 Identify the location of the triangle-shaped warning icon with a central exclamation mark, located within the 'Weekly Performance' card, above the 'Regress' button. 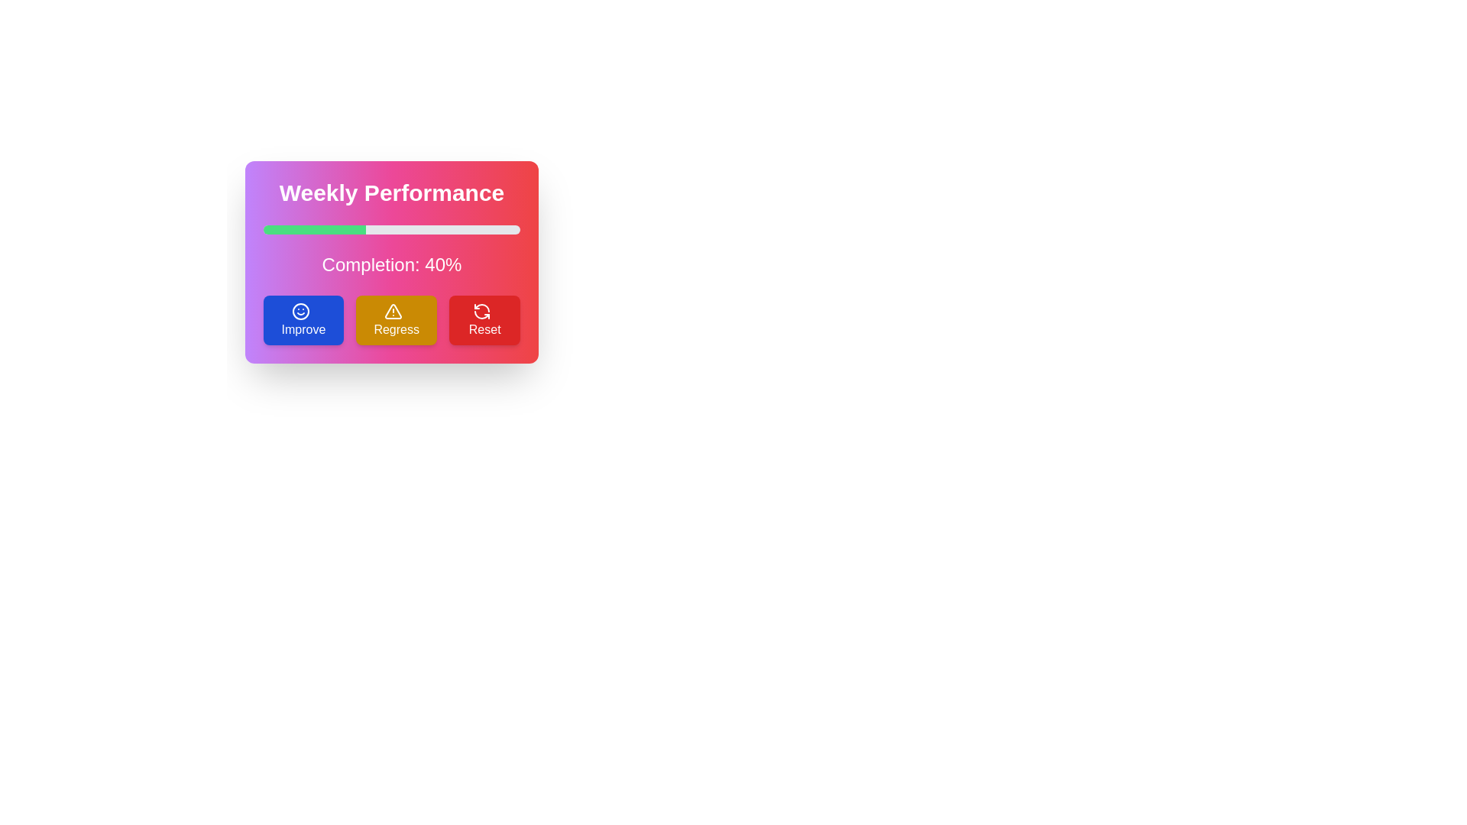
(393, 310).